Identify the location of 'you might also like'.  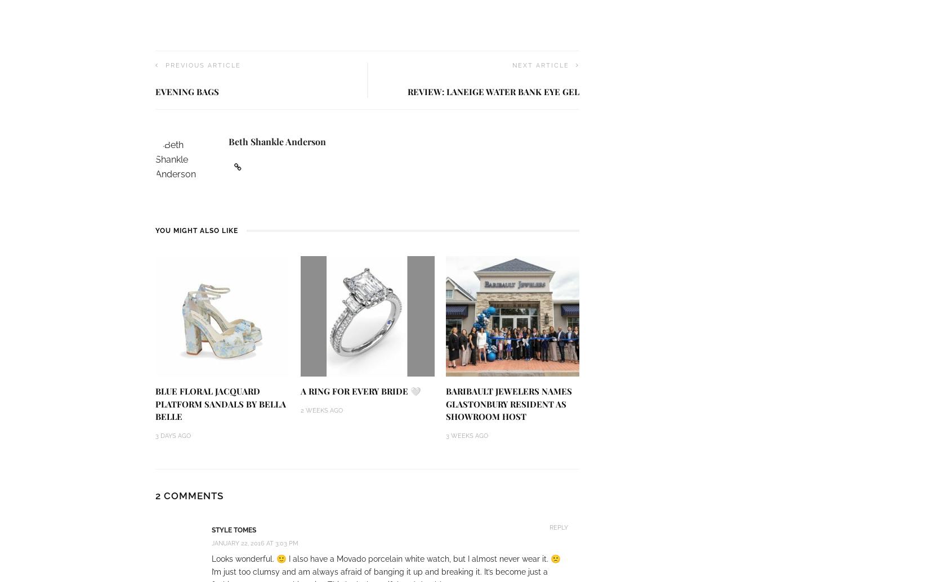
(196, 230).